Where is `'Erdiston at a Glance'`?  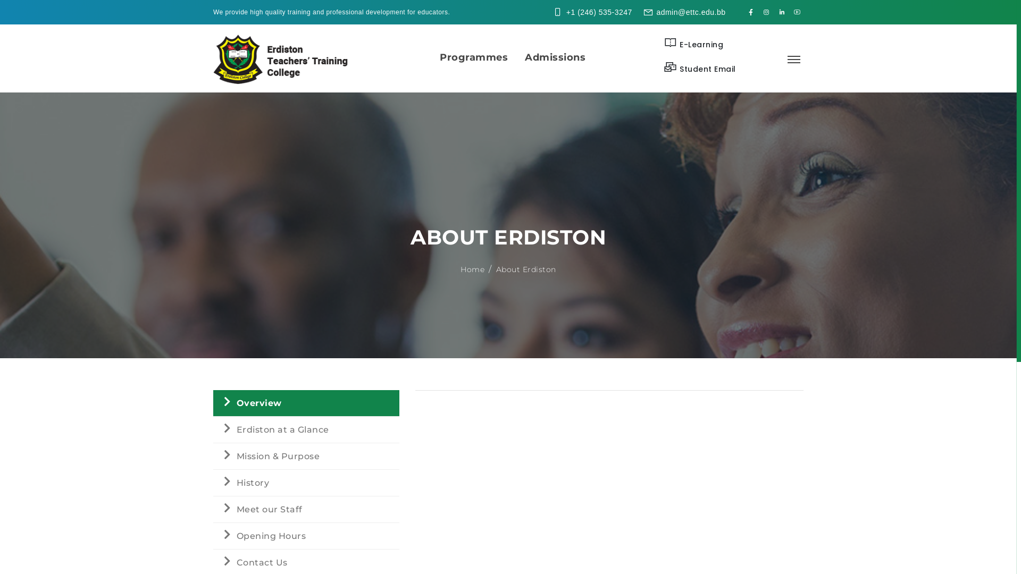 'Erdiston at a Glance' is located at coordinates (306, 429).